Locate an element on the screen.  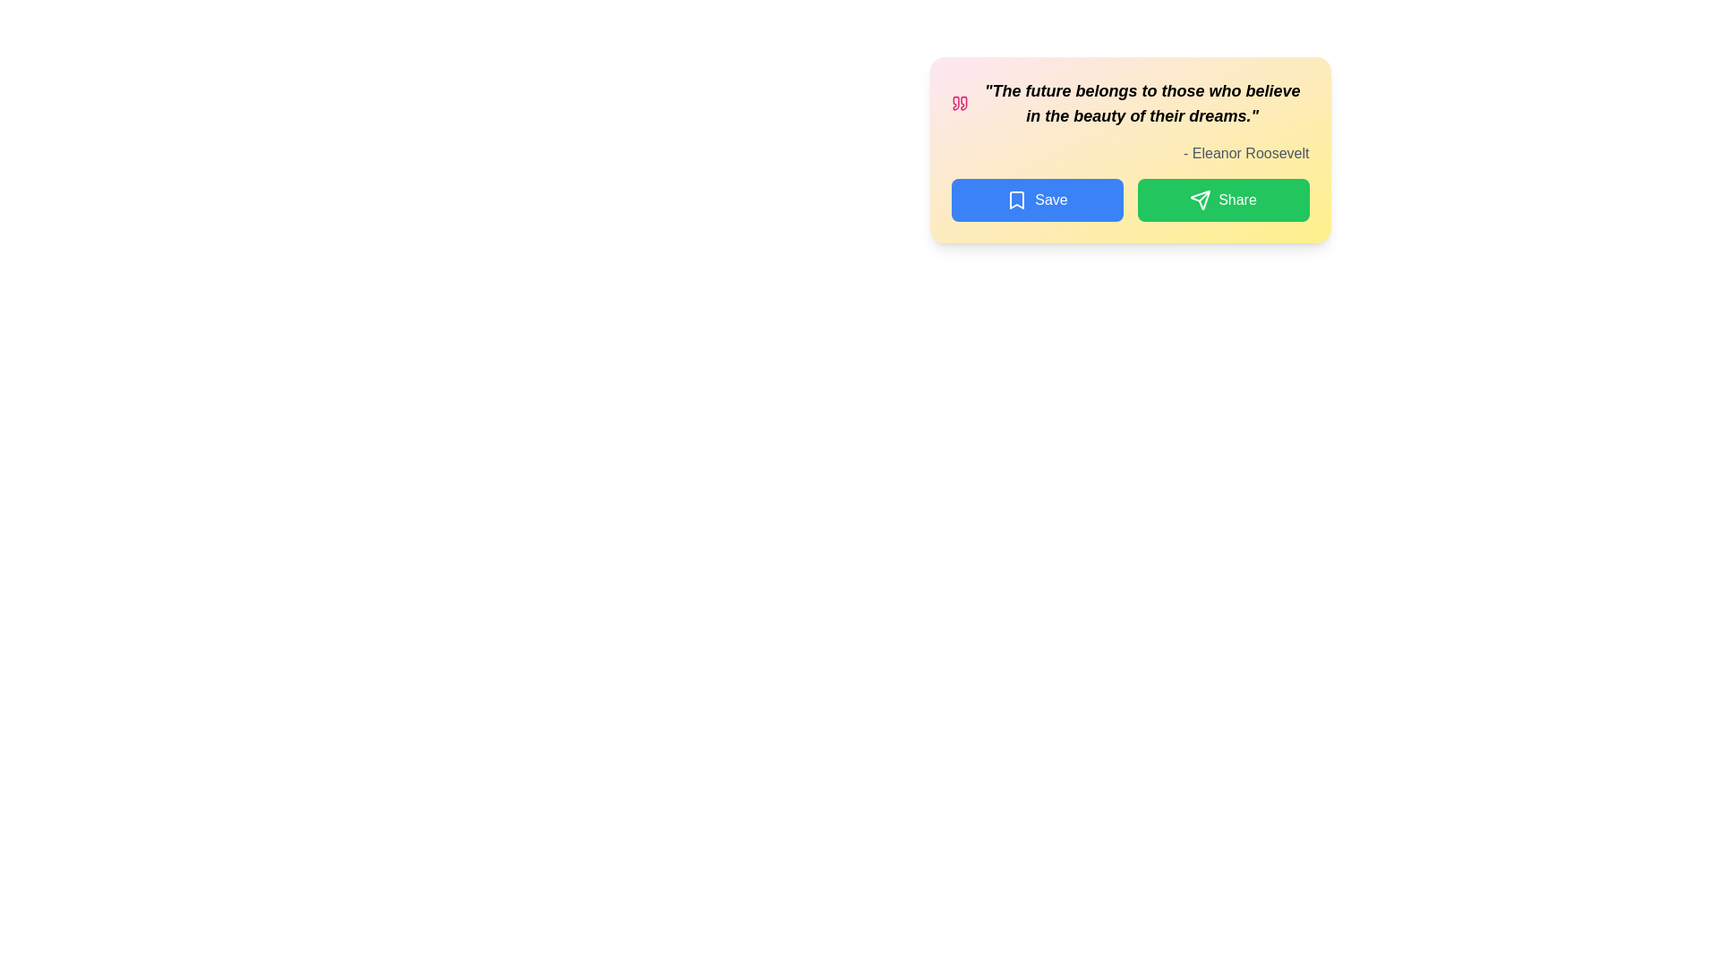
the bookmark-shaped icon located to the left of the 'Save' button, characterized by its triangular bottom and rectangular body with a blue background and white inner lines is located at coordinates (1017, 199).